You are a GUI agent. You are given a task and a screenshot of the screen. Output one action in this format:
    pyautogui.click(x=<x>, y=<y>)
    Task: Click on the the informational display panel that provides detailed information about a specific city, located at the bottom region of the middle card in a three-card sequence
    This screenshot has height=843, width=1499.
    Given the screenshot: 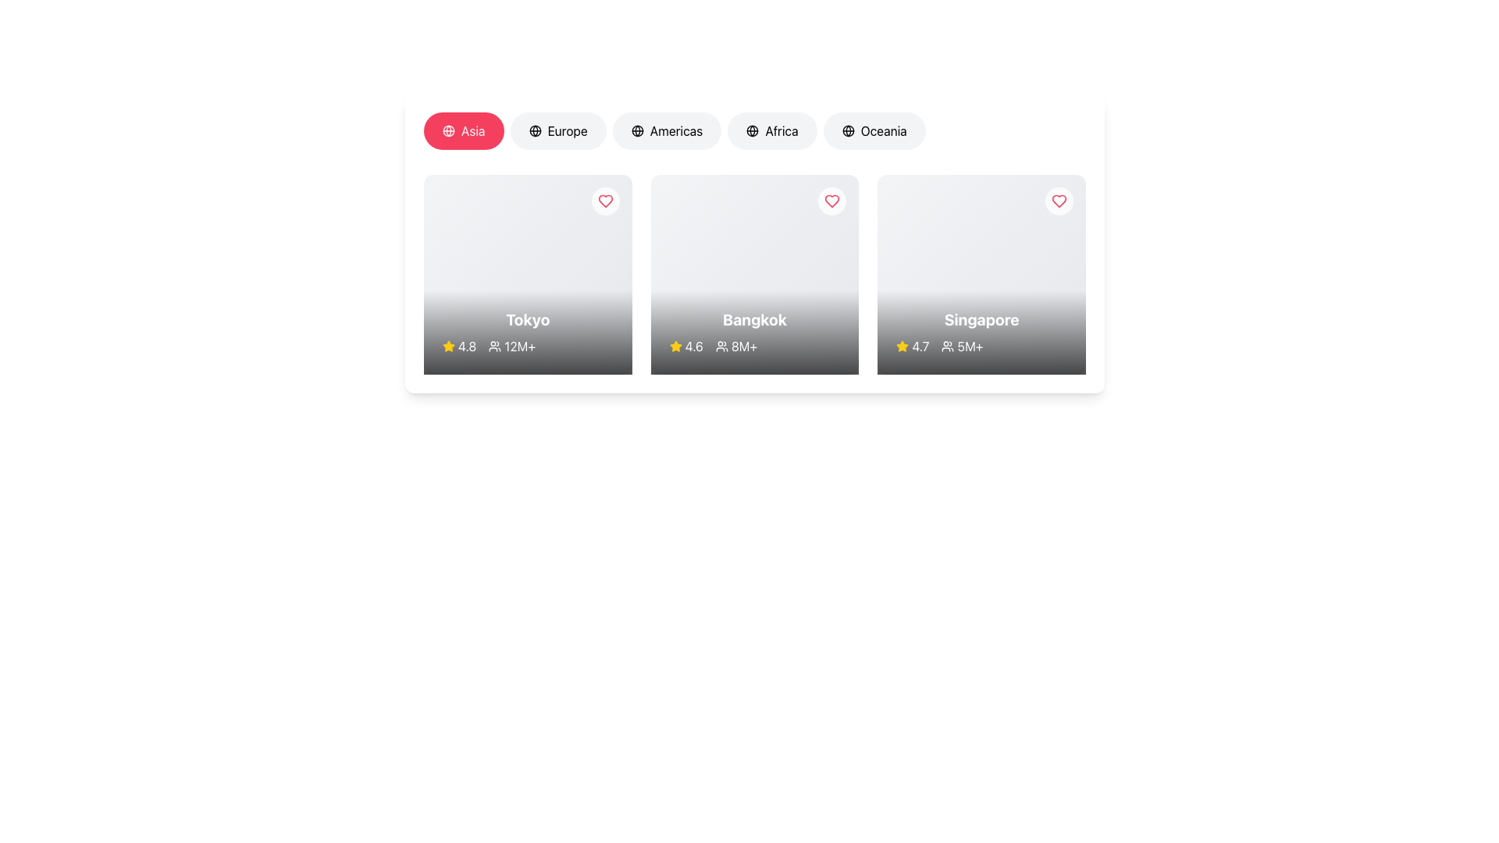 What is the action you would take?
    pyautogui.click(x=754, y=331)
    